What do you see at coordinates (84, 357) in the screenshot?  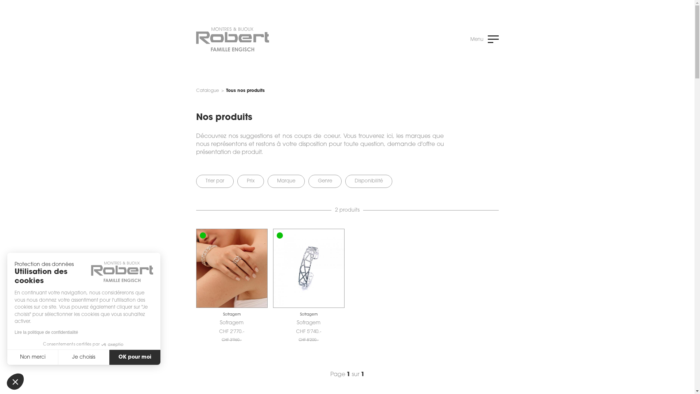 I see `'Je choisis'` at bounding box center [84, 357].